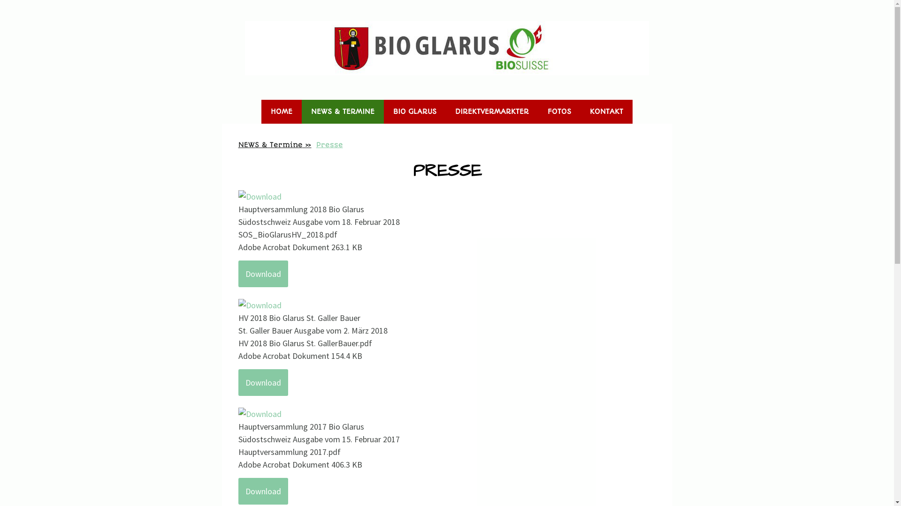  I want to click on 'Presse', so click(329, 144).